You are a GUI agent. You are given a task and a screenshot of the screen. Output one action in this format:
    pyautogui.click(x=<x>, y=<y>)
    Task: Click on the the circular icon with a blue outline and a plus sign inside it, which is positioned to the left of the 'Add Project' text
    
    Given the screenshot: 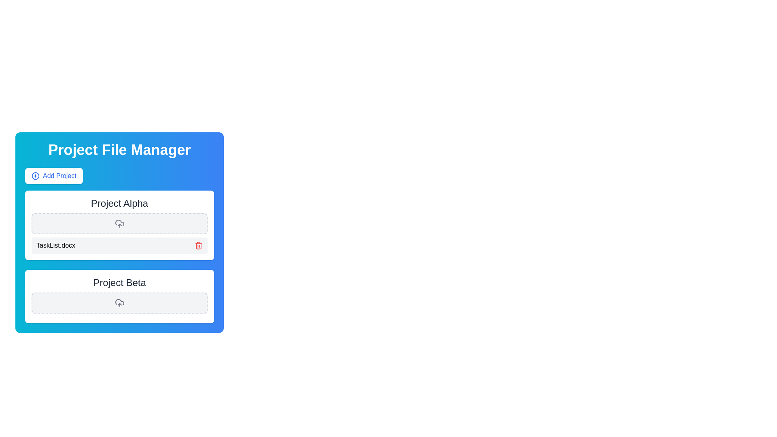 What is the action you would take?
    pyautogui.click(x=35, y=176)
    